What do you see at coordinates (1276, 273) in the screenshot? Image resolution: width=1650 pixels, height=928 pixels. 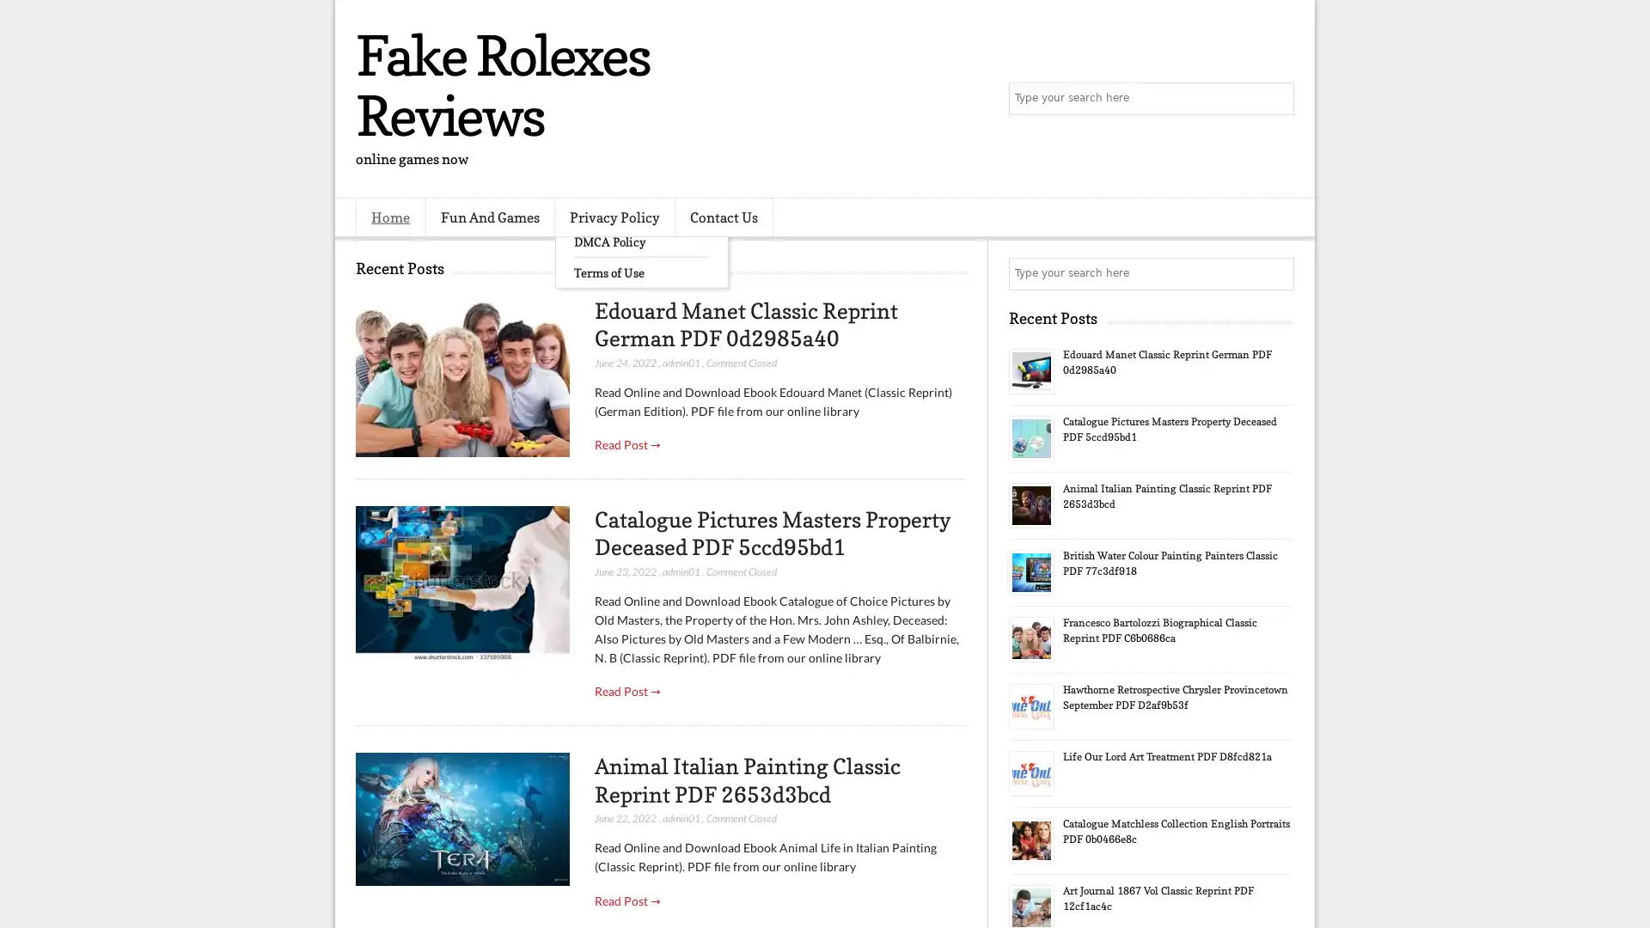 I see `Search` at bounding box center [1276, 273].